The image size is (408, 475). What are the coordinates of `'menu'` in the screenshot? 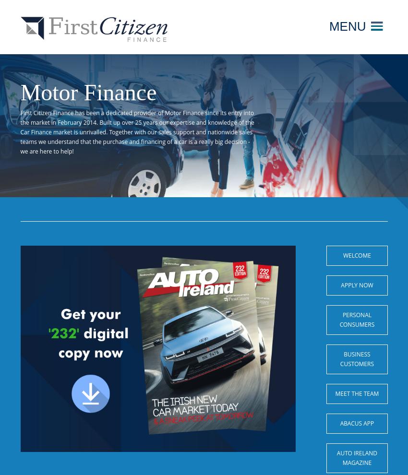 It's located at (347, 26).